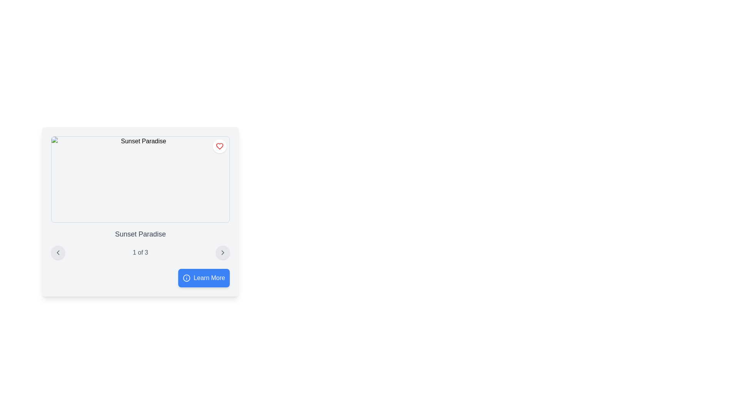  I want to click on the heart icon located at the top-right corner of the white card interface near the title 'Sunset Paradise' to mark the content as favorite, so click(219, 146).